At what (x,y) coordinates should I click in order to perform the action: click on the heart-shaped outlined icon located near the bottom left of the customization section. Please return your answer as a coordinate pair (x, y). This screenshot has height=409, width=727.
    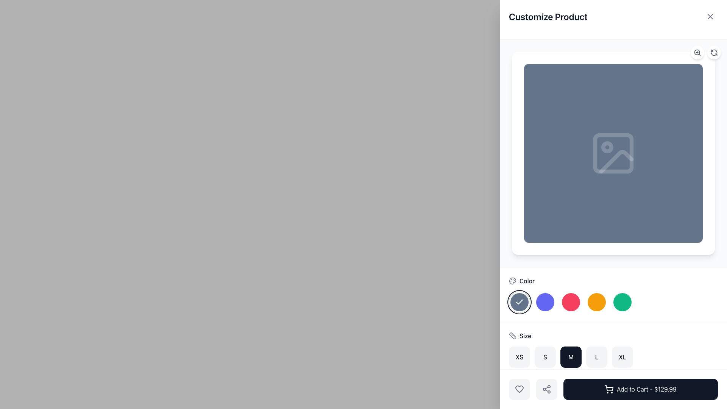
    Looking at the image, I should click on (519, 389).